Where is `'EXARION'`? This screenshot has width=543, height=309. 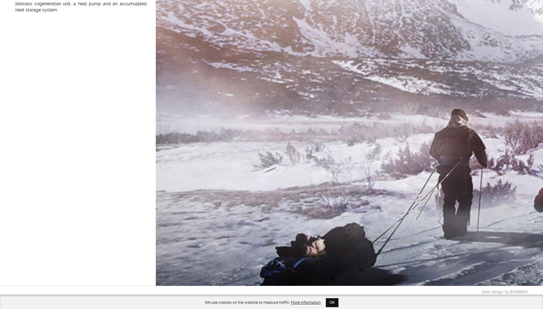
'EXARION' is located at coordinates (519, 291).